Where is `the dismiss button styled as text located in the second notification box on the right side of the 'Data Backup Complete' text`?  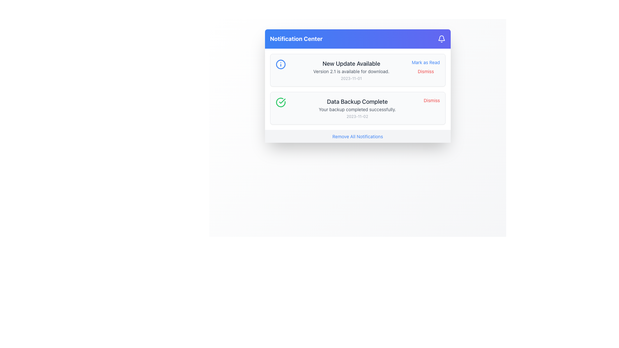
the dismiss button styled as text located in the second notification box on the right side of the 'Data Backup Complete' text is located at coordinates (426, 72).